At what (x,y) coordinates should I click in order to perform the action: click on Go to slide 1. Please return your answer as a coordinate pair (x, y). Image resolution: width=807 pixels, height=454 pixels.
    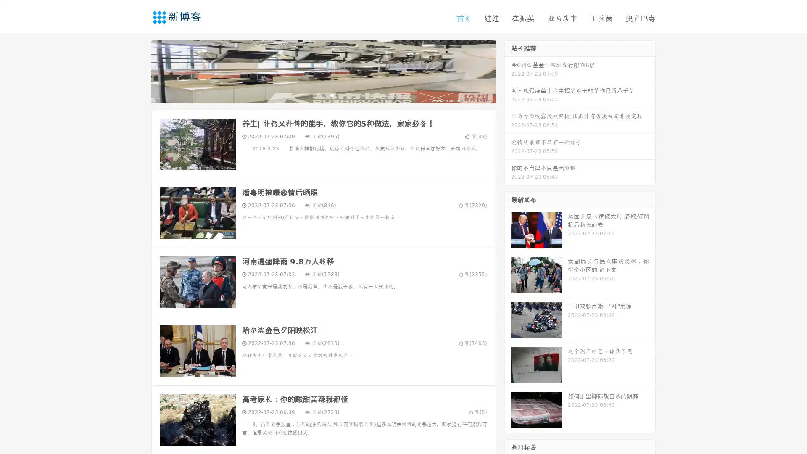
    Looking at the image, I should click on (314, 95).